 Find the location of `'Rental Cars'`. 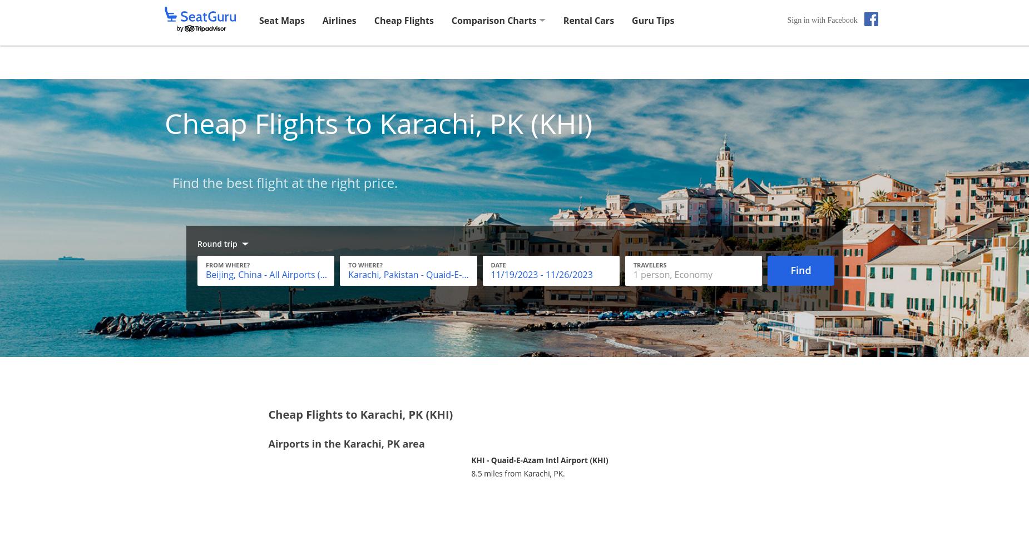

'Rental Cars' is located at coordinates (588, 20).